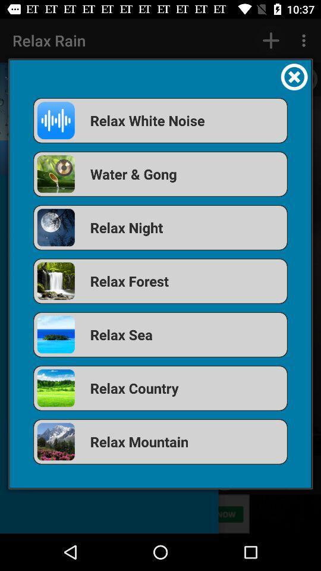 The width and height of the screenshot is (321, 571). Describe the element at coordinates (160, 120) in the screenshot. I see `relax white noise app` at that location.